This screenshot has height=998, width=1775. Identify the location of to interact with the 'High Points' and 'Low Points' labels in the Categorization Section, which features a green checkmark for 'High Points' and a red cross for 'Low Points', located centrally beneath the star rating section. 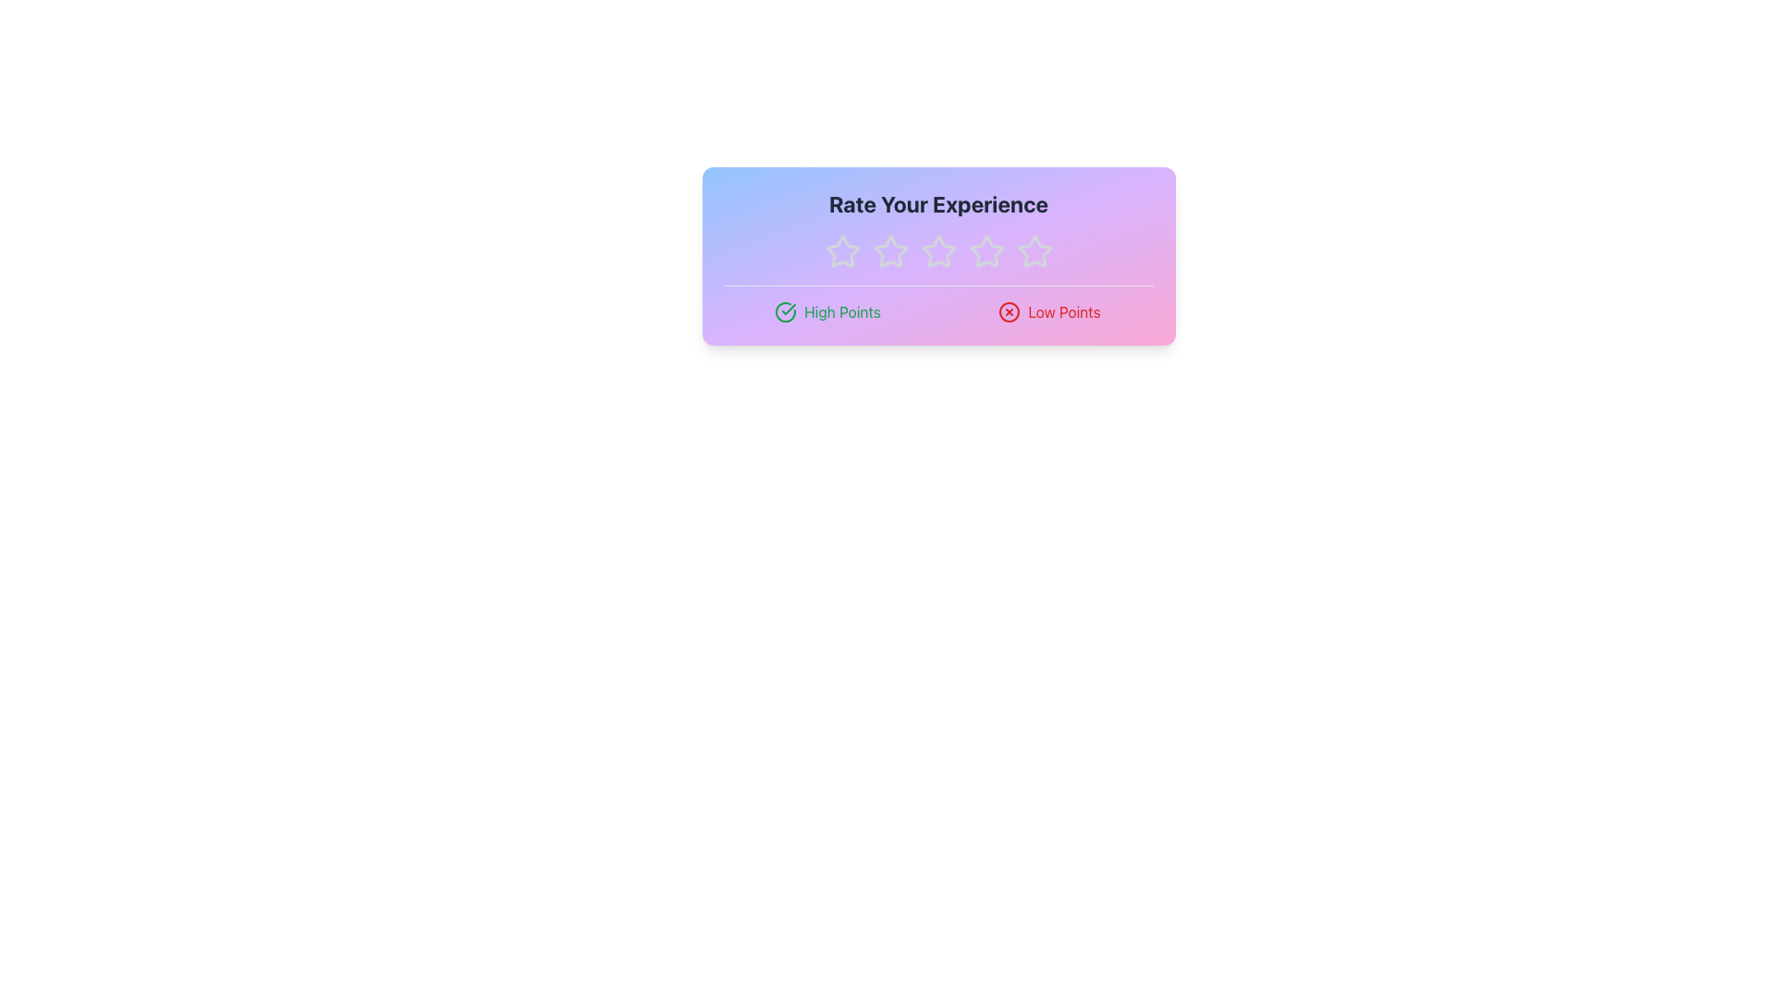
(938, 311).